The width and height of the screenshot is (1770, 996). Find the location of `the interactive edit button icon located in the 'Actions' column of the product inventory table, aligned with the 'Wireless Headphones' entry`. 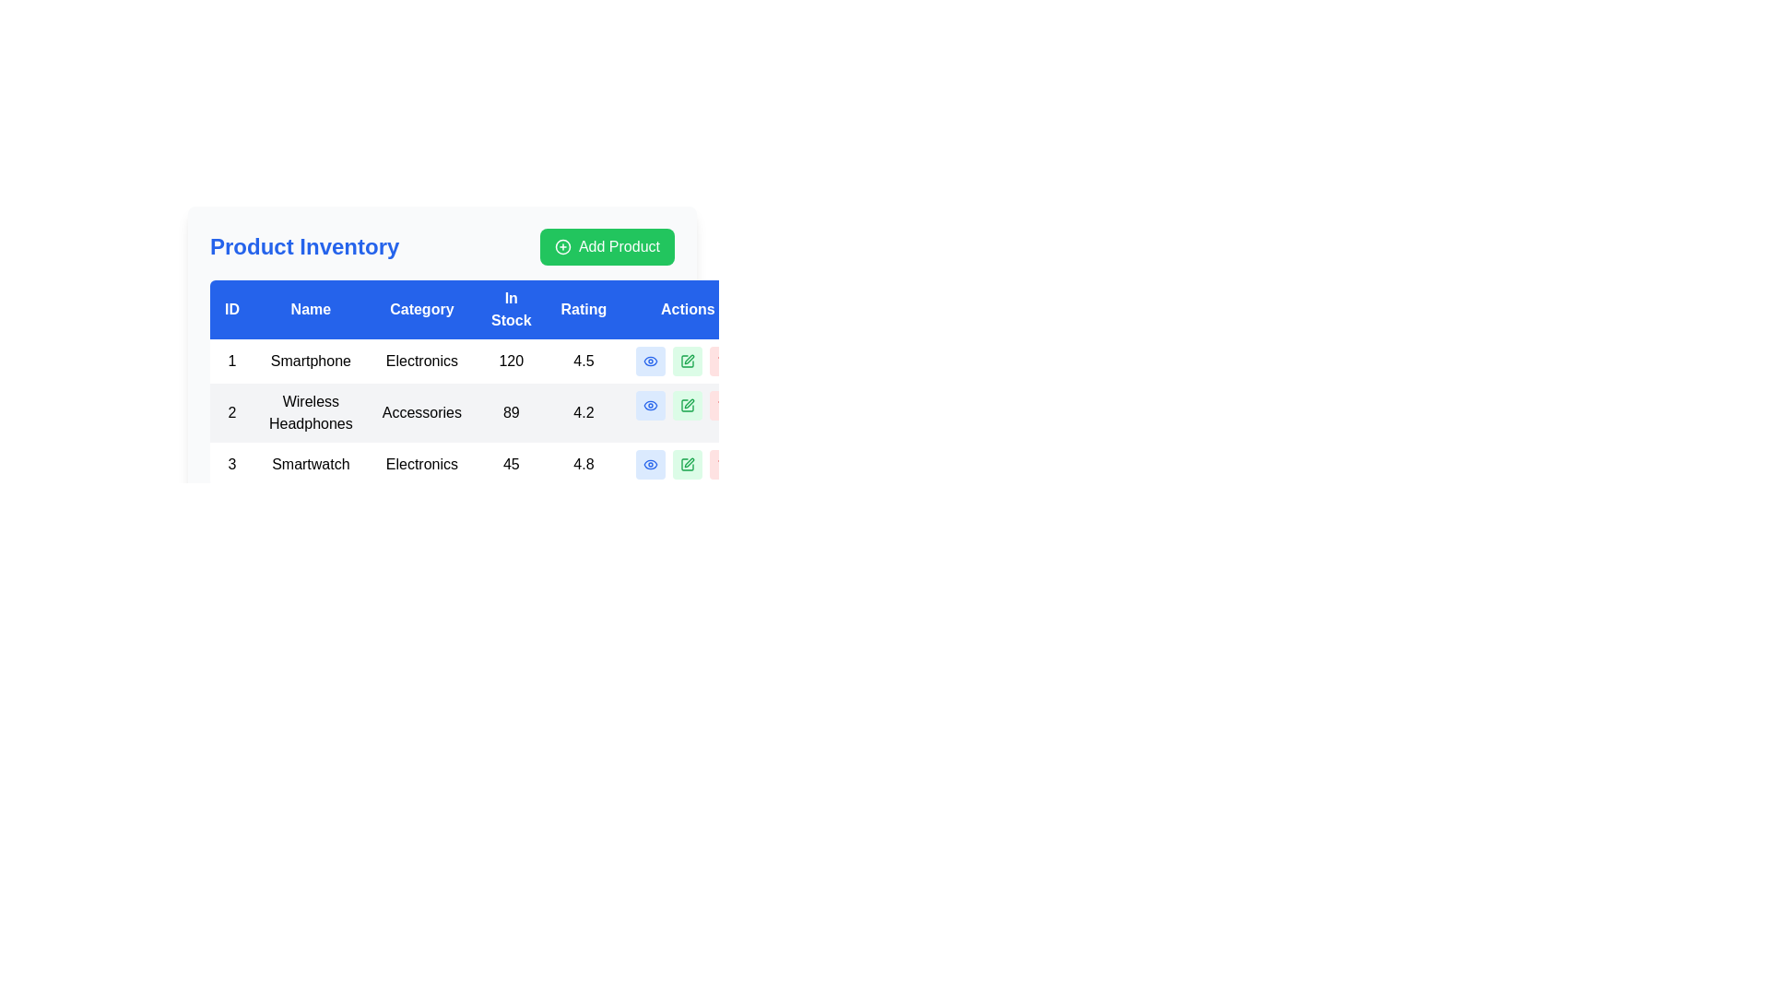

the interactive edit button icon located in the 'Actions' column of the product inventory table, aligned with the 'Wireless Headphones' entry is located at coordinates (689, 403).